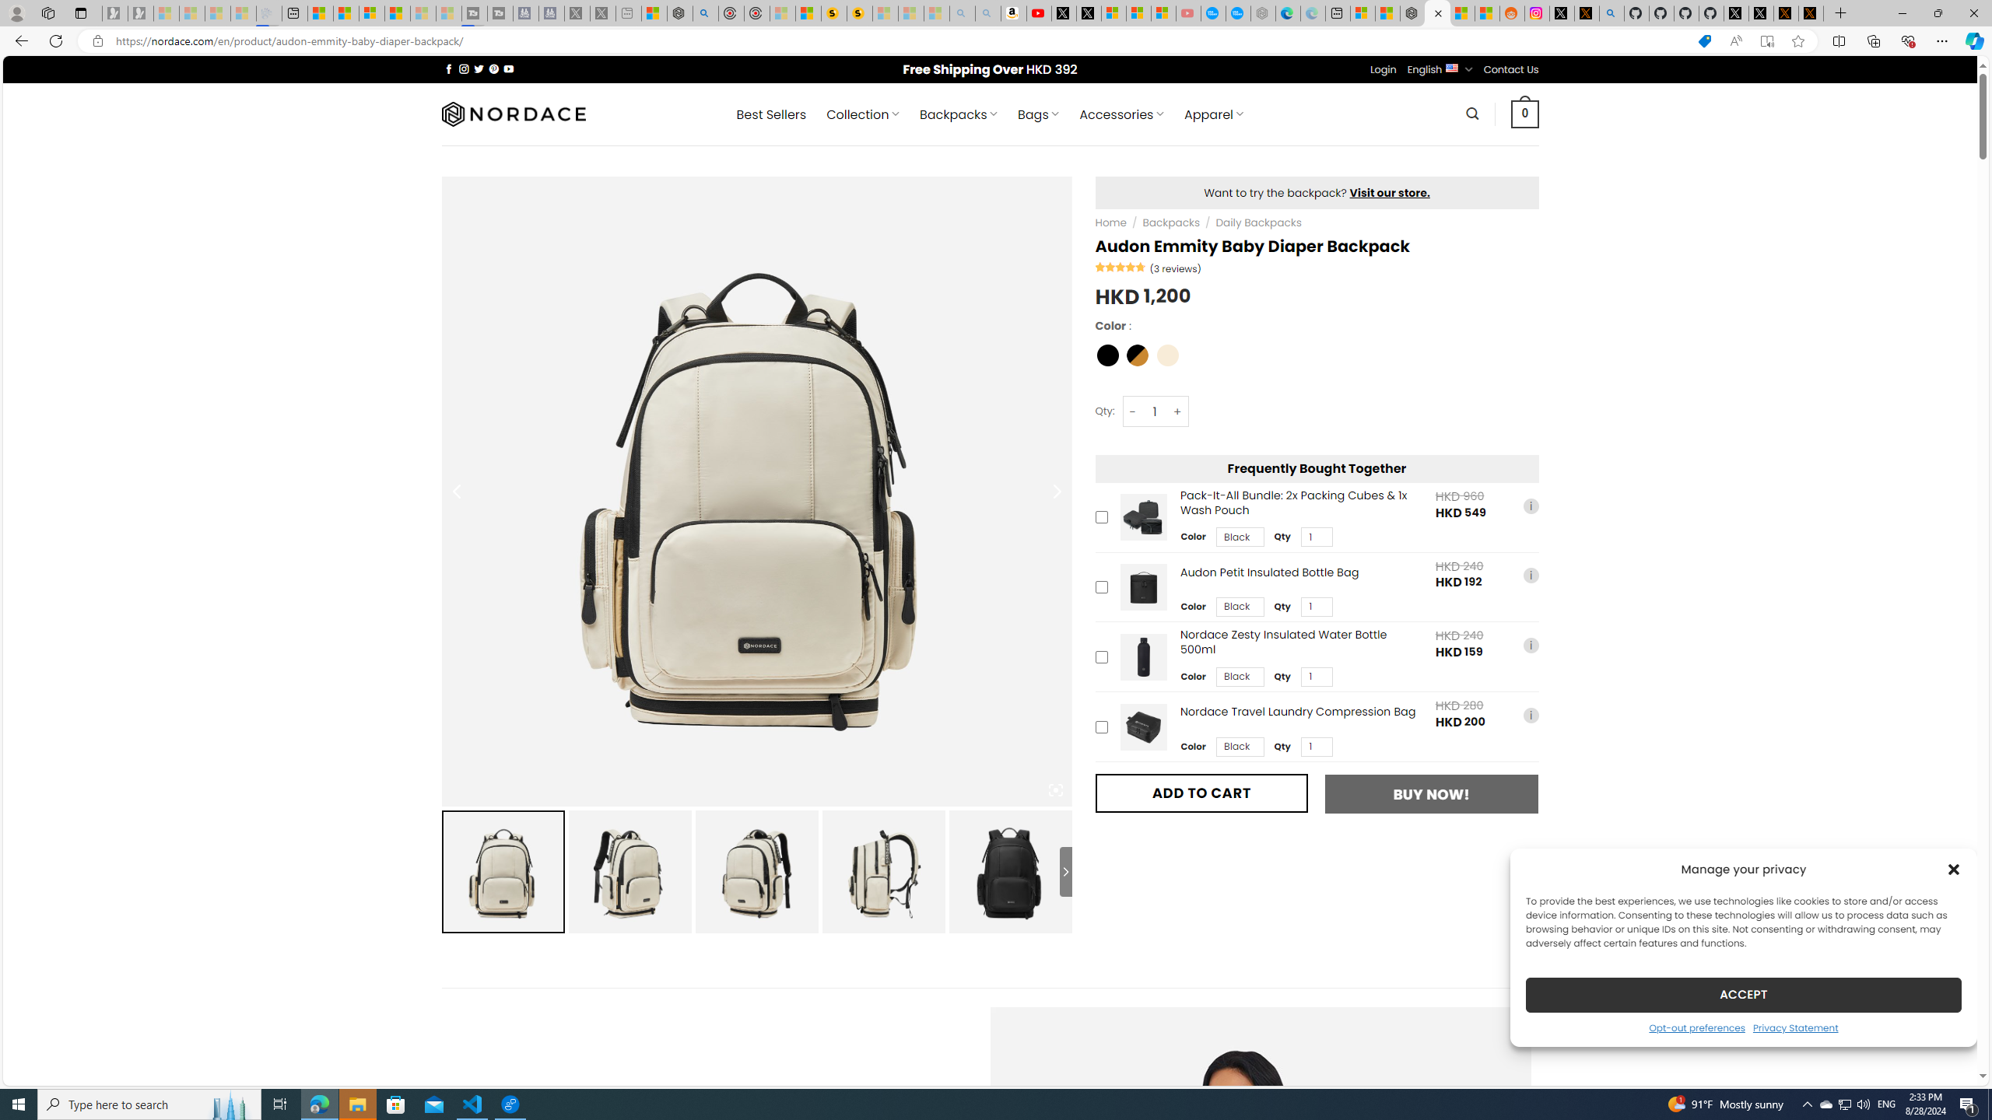 This screenshot has width=1992, height=1120. What do you see at coordinates (1316, 747) in the screenshot?
I see `'Class: upsell-v2-product-upsell-variable-product-qty-select'` at bounding box center [1316, 747].